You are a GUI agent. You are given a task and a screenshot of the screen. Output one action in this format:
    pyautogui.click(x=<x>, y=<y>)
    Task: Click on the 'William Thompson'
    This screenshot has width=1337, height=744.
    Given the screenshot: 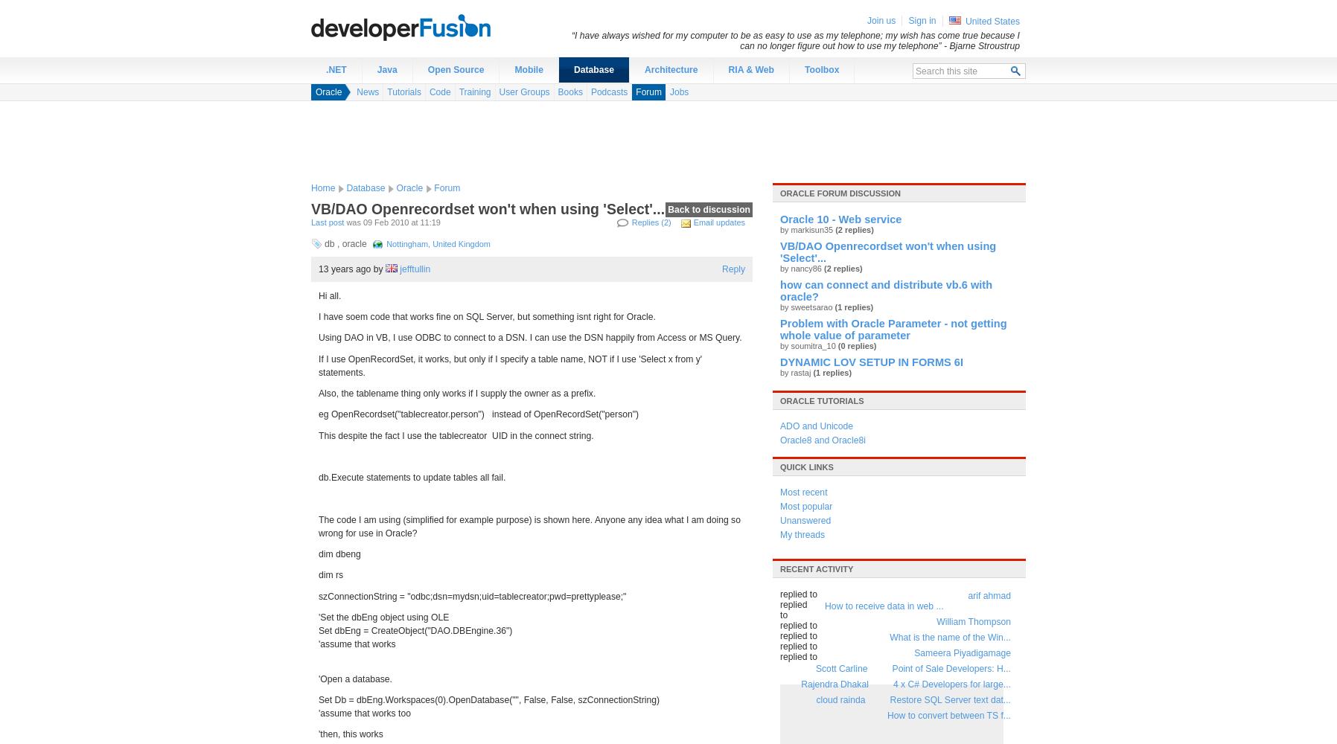 What is the action you would take?
    pyautogui.click(x=974, y=621)
    